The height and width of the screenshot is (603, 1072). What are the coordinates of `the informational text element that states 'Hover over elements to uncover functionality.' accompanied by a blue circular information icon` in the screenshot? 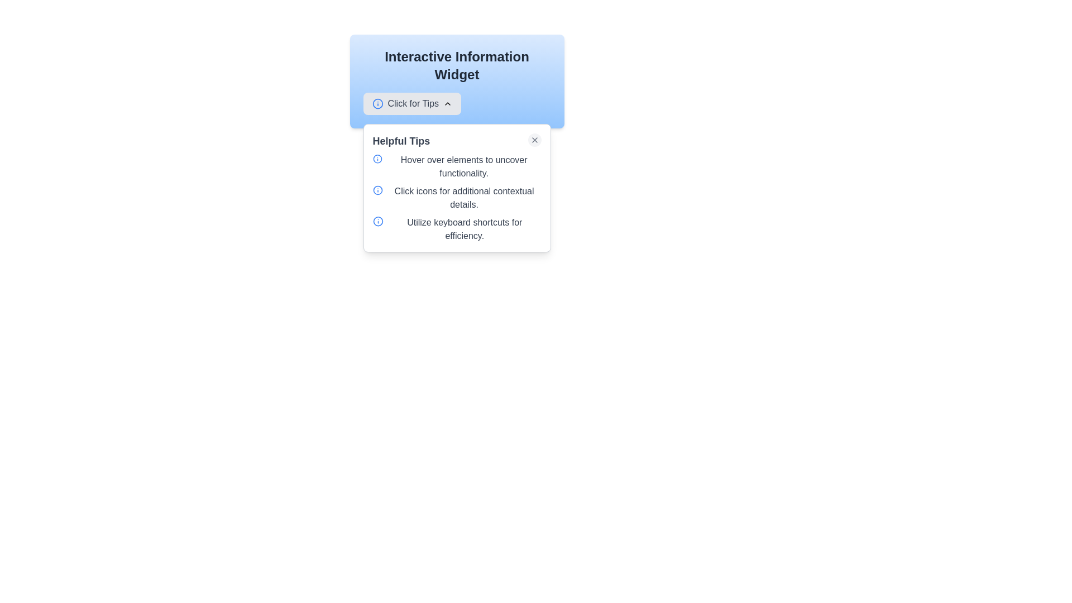 It's located at (457, 167).